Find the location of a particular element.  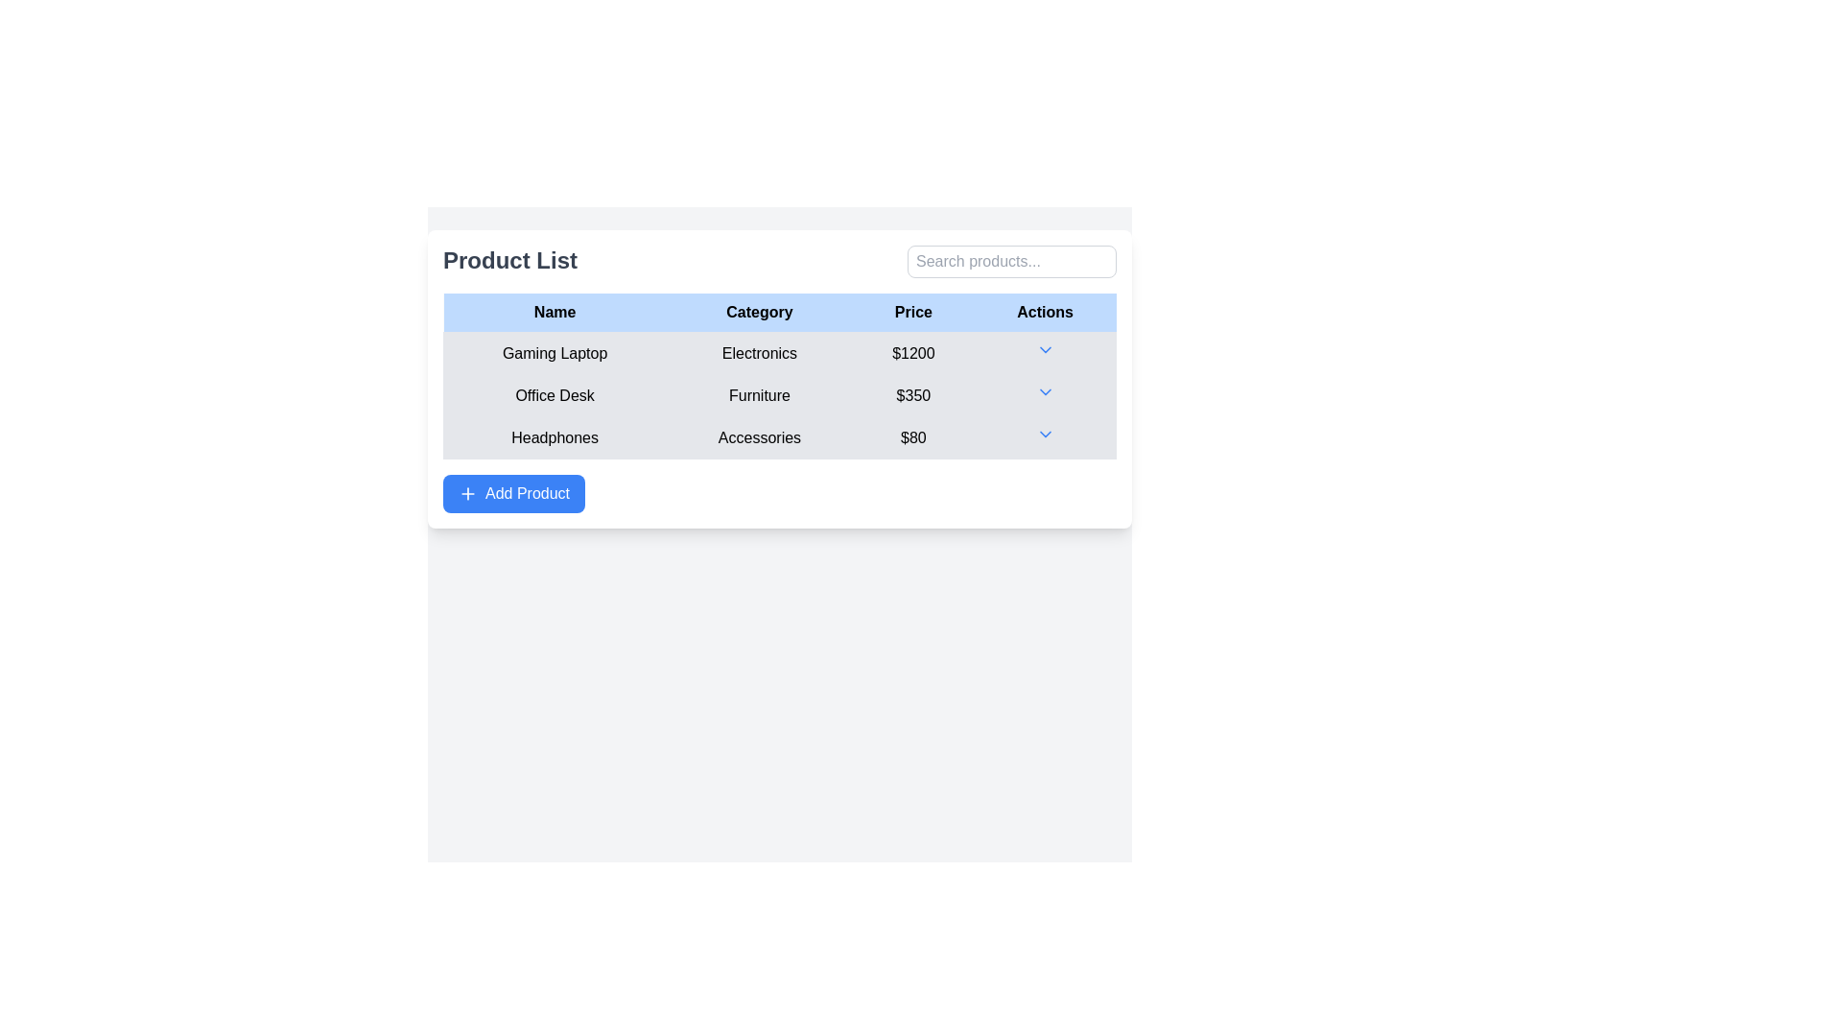

the table cell containing the text 'Electronics', which is located in the first row under the 'Category' column, positioned to the right of 'Gaming Laptop' and to the left of '$1200' is located at coordinates (779, 353).